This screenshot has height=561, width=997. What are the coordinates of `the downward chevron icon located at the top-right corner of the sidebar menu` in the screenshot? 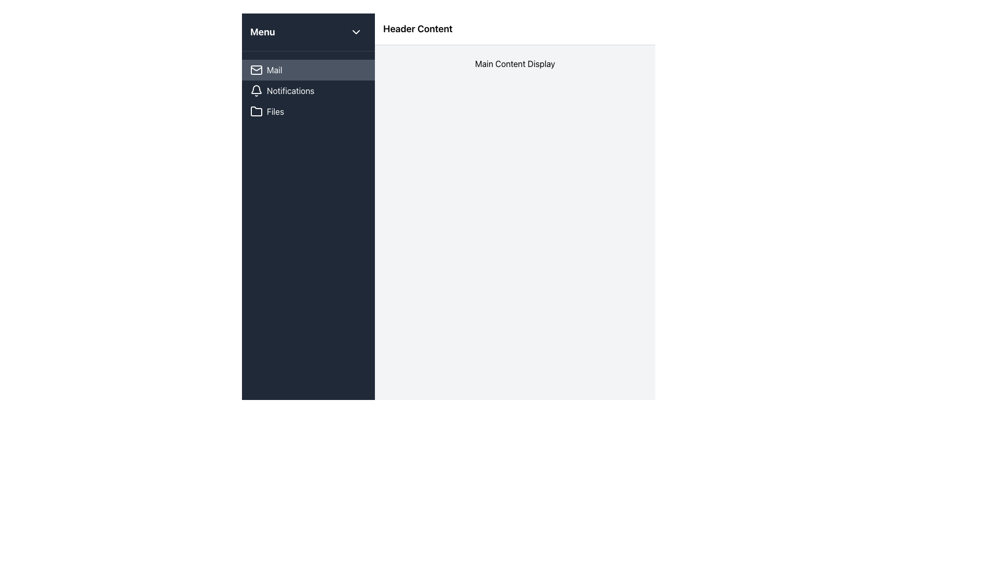 It's located at (356, 31).